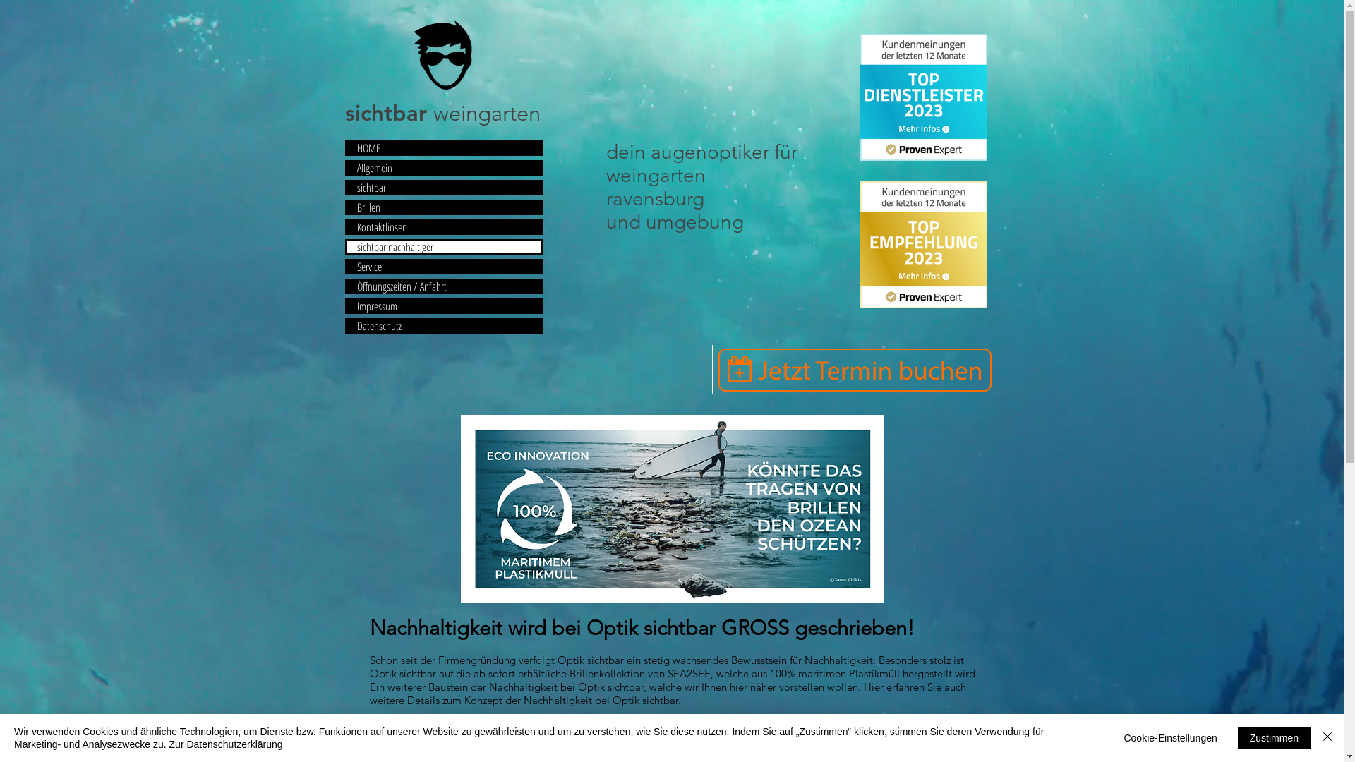  Describe the element at coordinates (442, 226) in the screenshot. I see `'Kontaktlinsen'` at that location.